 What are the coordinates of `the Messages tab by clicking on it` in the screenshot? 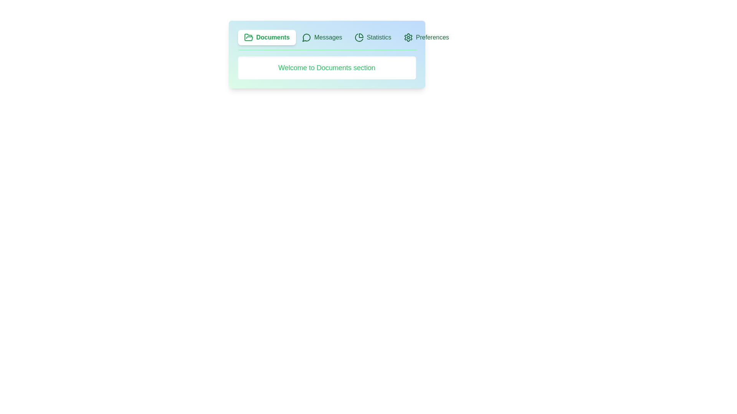 It's located at (322, 37).